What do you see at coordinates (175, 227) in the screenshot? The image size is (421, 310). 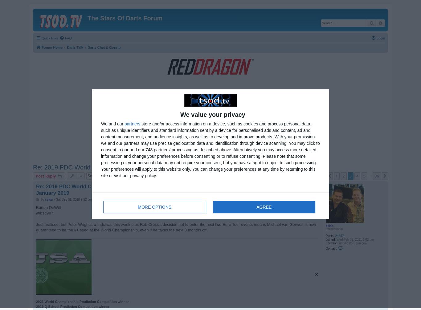 I see `'Just realised, but Peter Wright's withdrawal this week plus Rob Cross's decision not to enter the next two Euro Tour events means Michael van Gerwen is now guaranteed to be the #1 seed at the World Championship, even if he takes the next 3 months off.'` at bounding box center [175, 227].